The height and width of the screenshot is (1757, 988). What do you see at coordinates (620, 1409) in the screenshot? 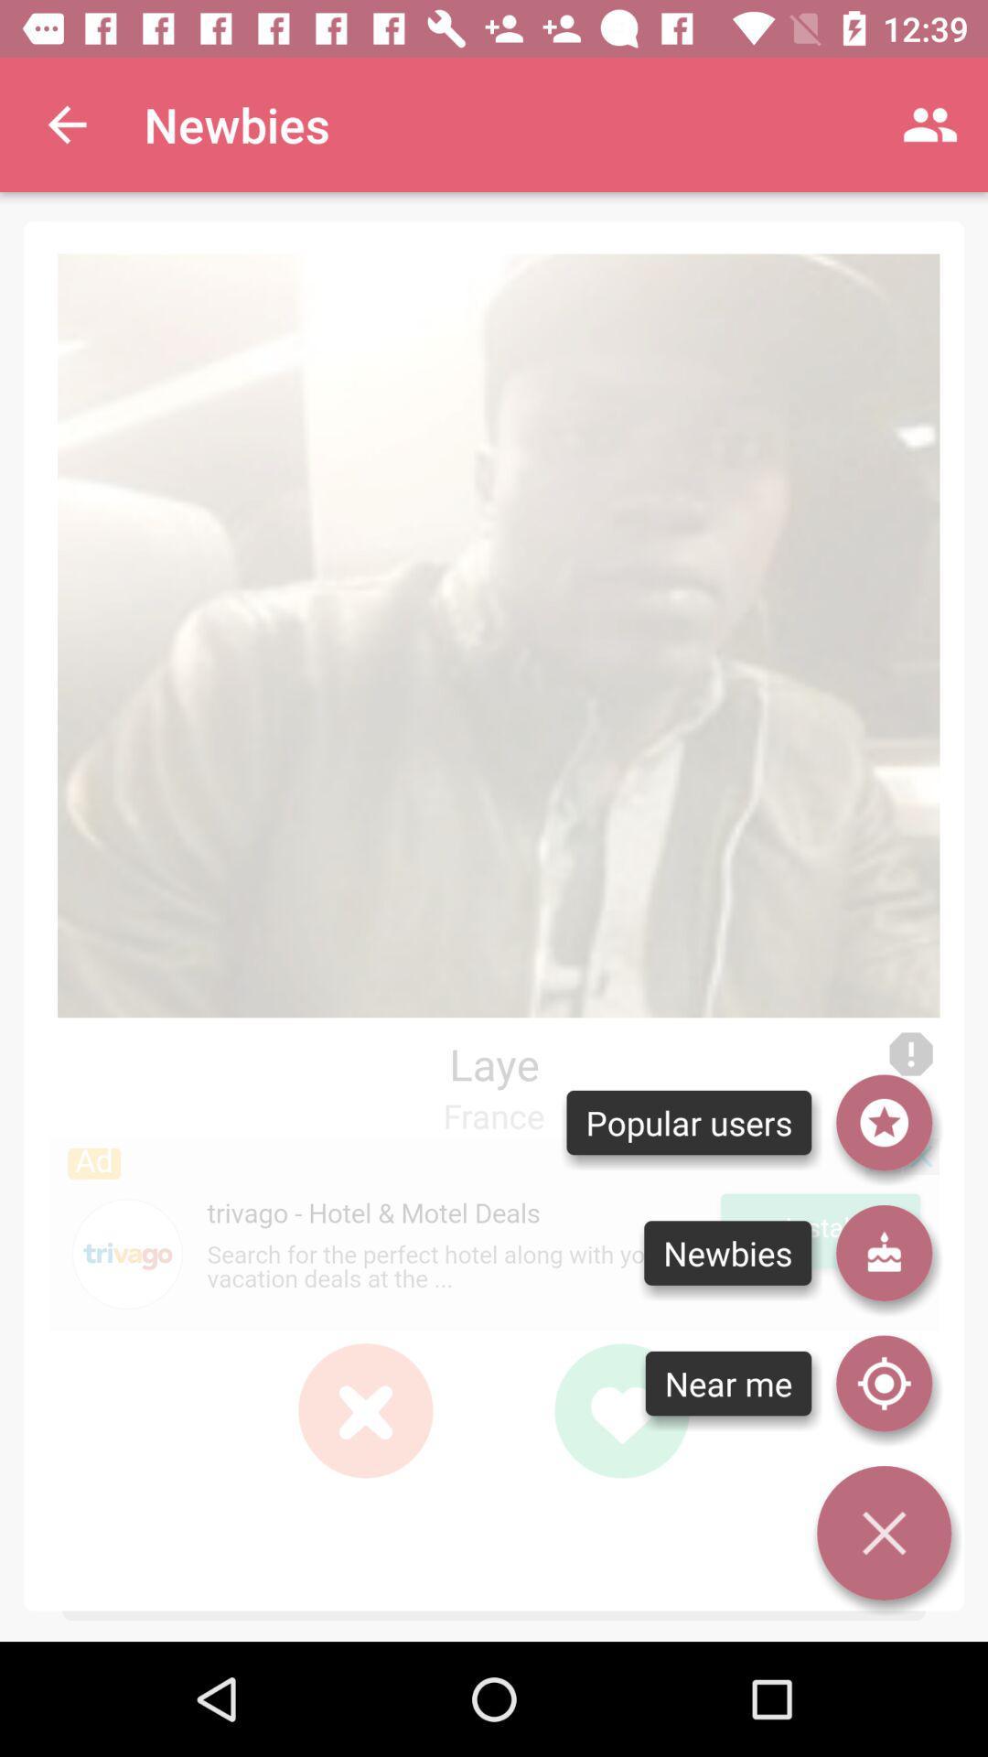
I see `the favorite icon` at bounding box center [620, 1409].